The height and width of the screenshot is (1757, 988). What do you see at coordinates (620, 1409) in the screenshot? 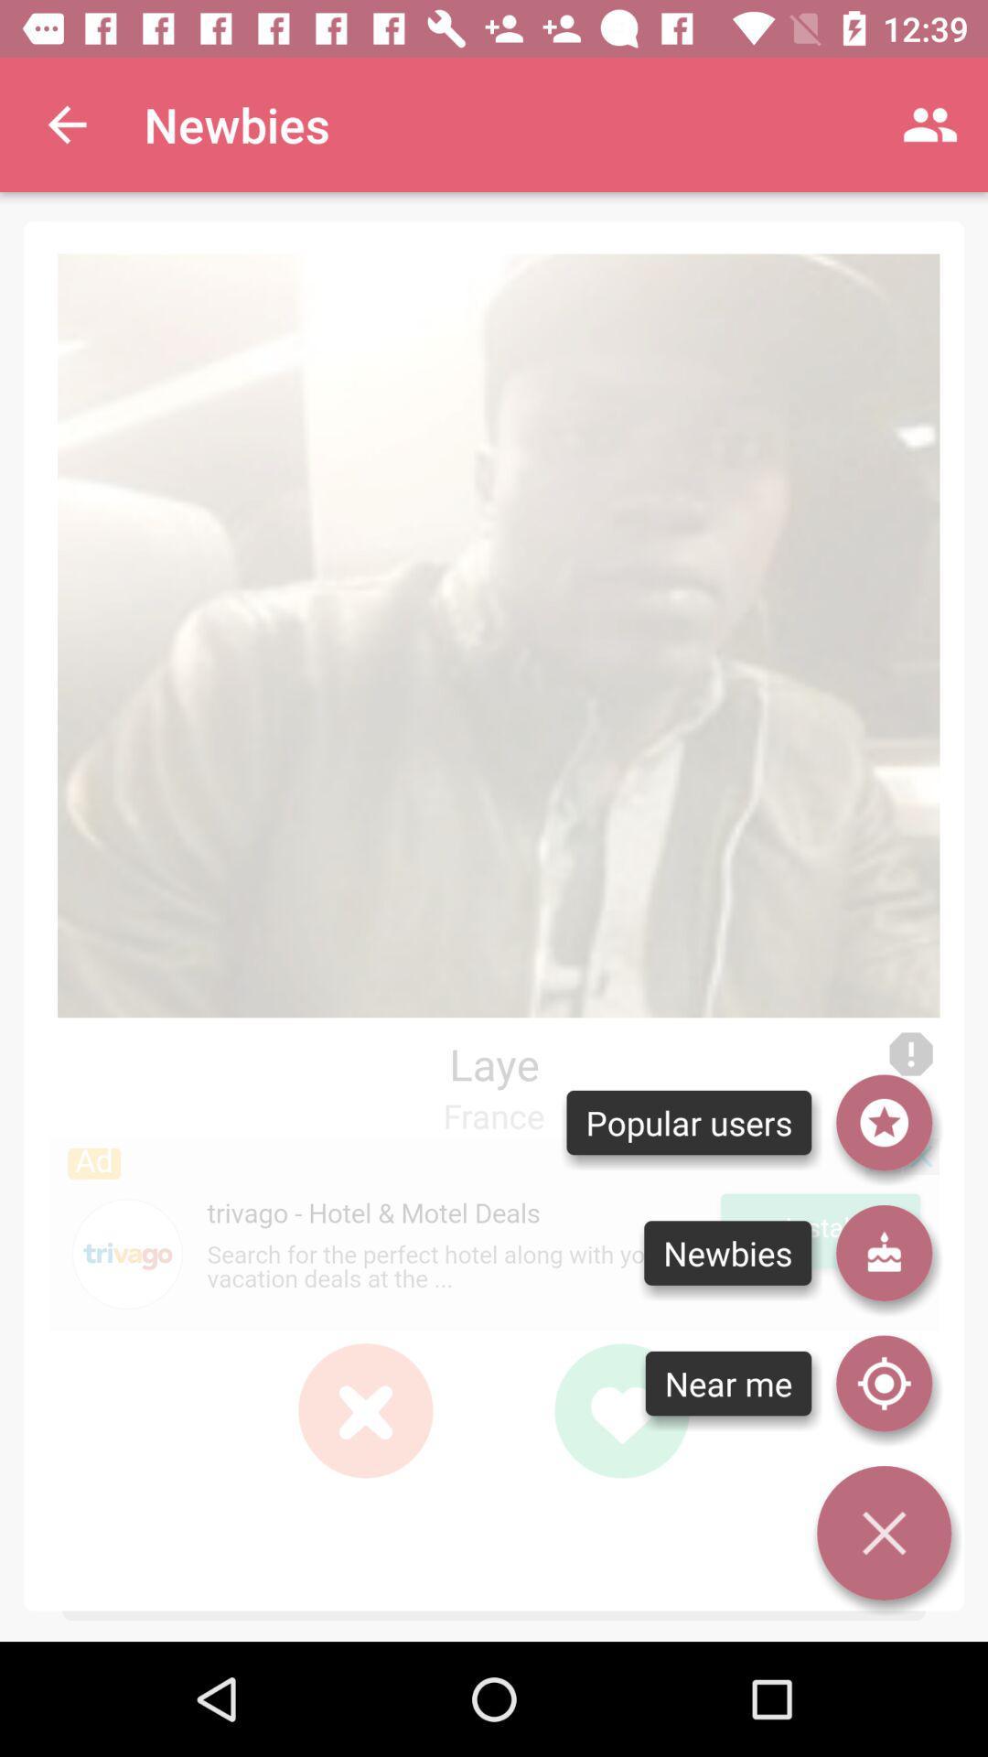
I see `the favorite icon` at bounding box center [620, 1409].